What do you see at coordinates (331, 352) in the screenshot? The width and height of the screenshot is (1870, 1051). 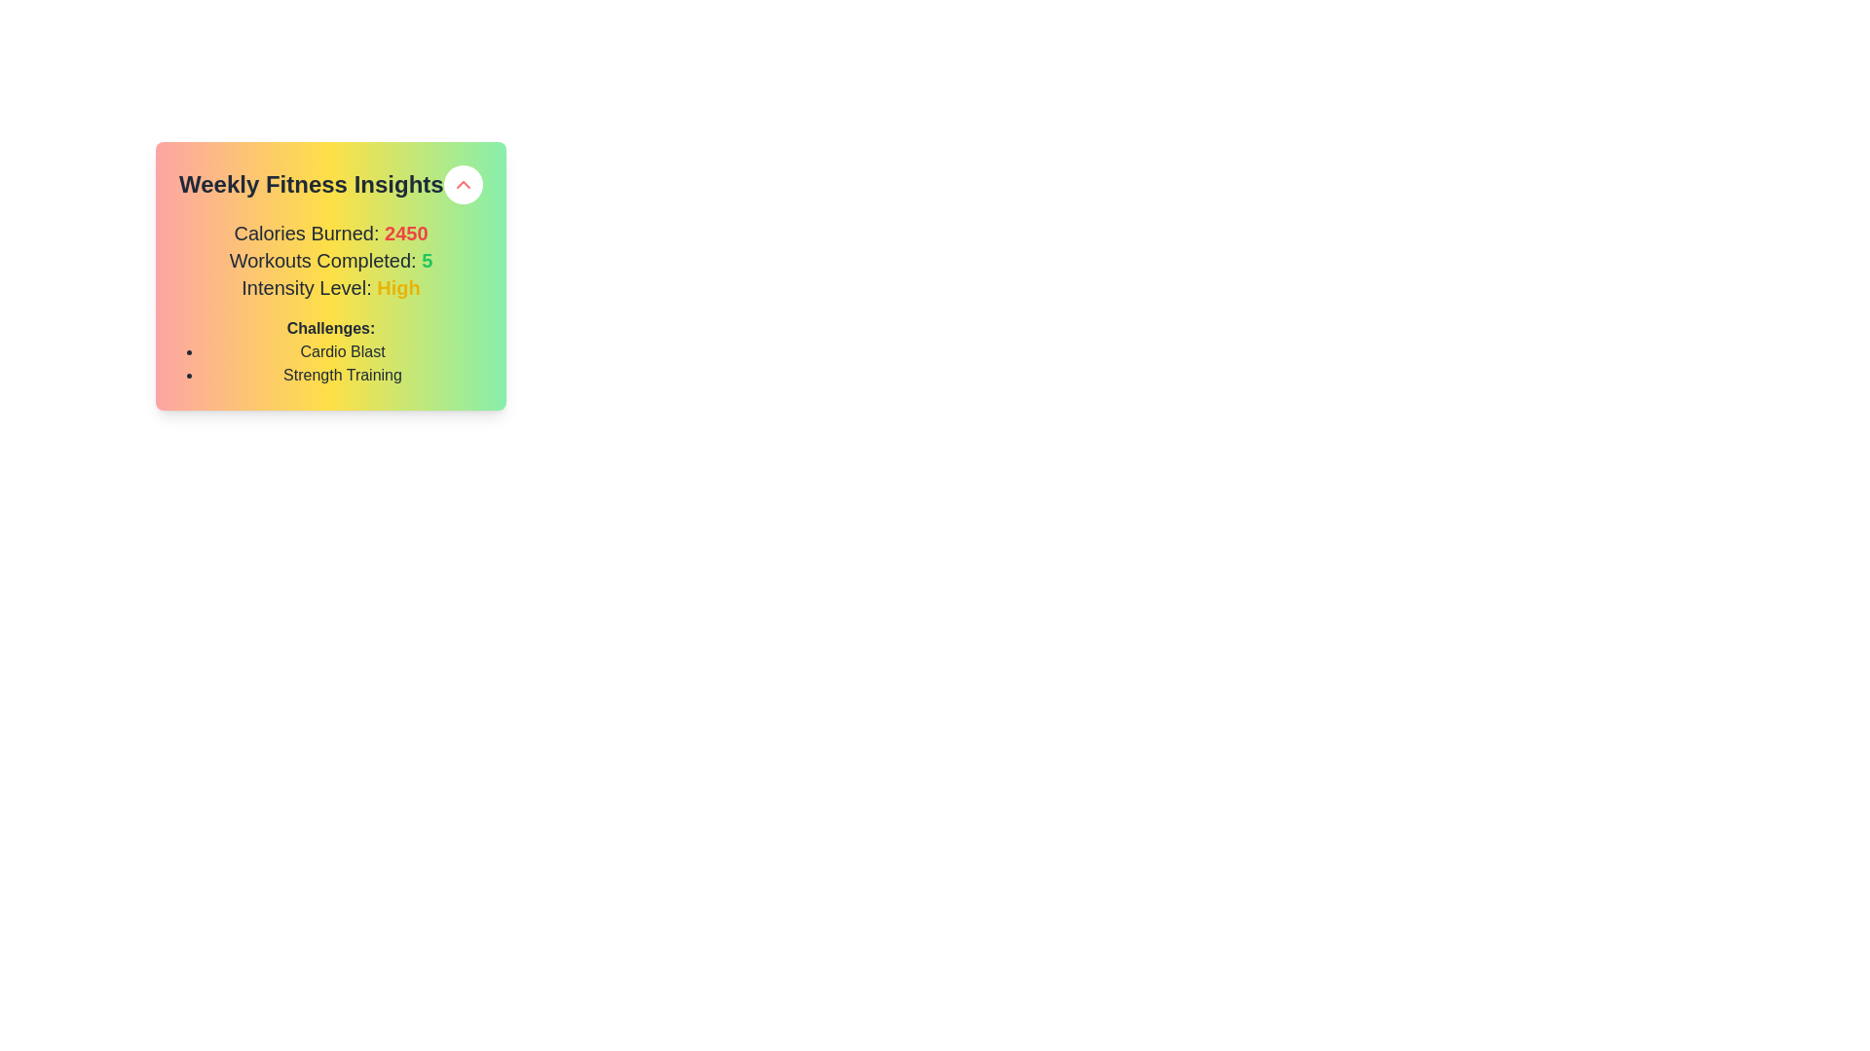 I see `text block that lists challenges or activities related to the user's fitness program, located in the card component below the 'Intensity Level: High' text` at bounding box center [331, 352].